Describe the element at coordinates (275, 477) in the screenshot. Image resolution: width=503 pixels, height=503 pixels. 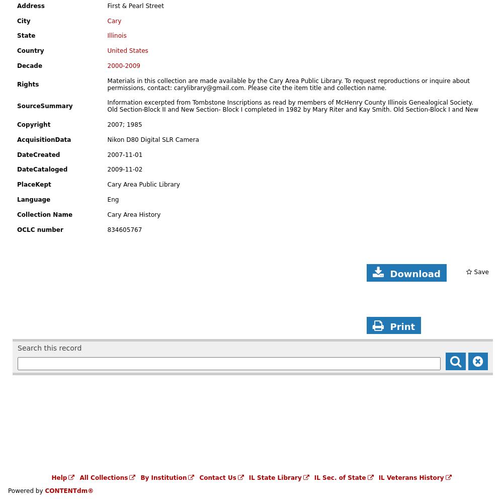
I see `'IL State Library'` at that location.